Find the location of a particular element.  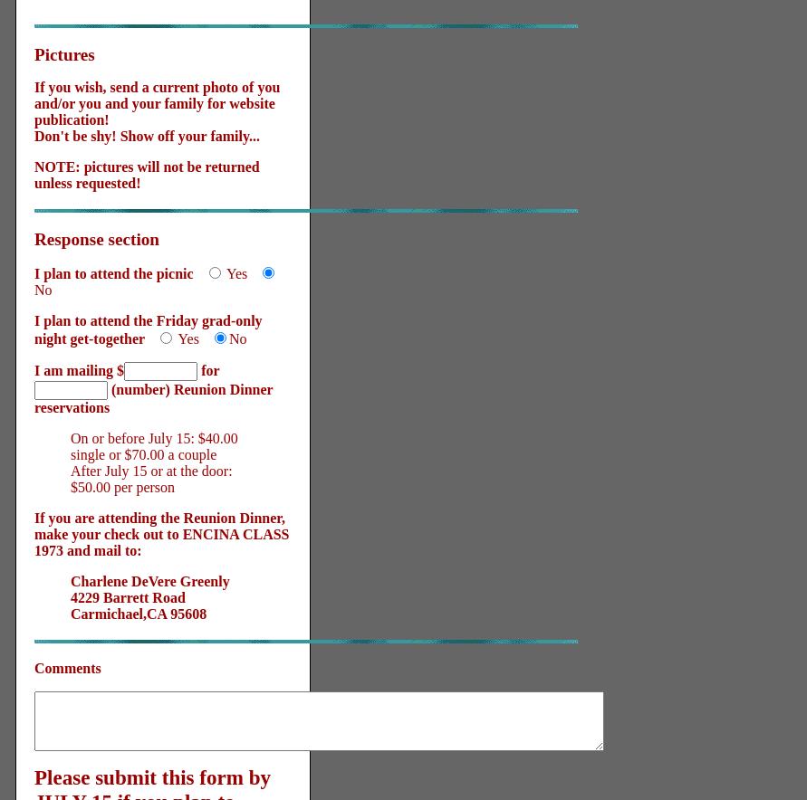

'I plan to attend the picnic' is located at coordinates (112, 273).